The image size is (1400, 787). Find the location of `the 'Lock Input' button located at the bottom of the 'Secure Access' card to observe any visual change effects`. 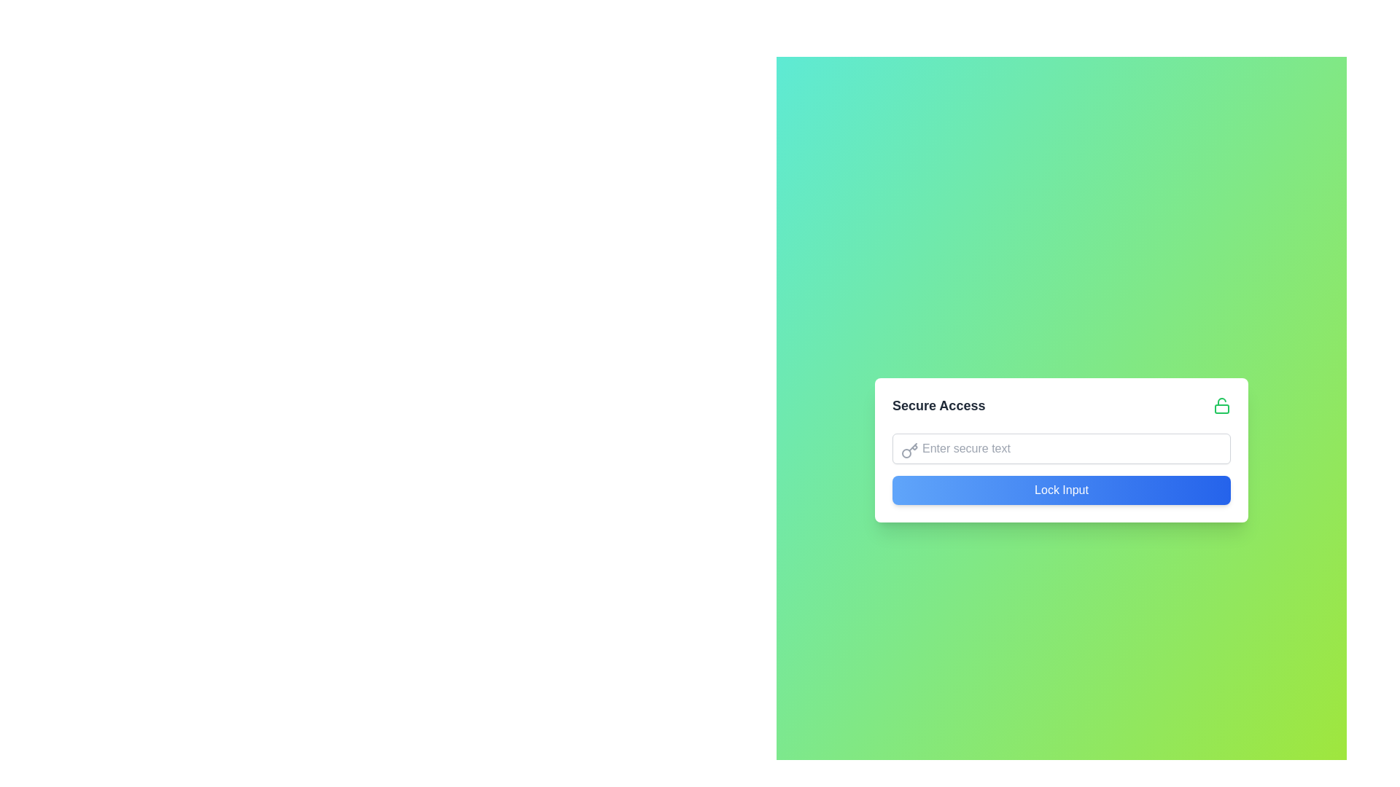

the 'Lock Input' button located at the bottom of the 'Secure Access' card to observe any visual change effects is located at coordinates (1061, 490).